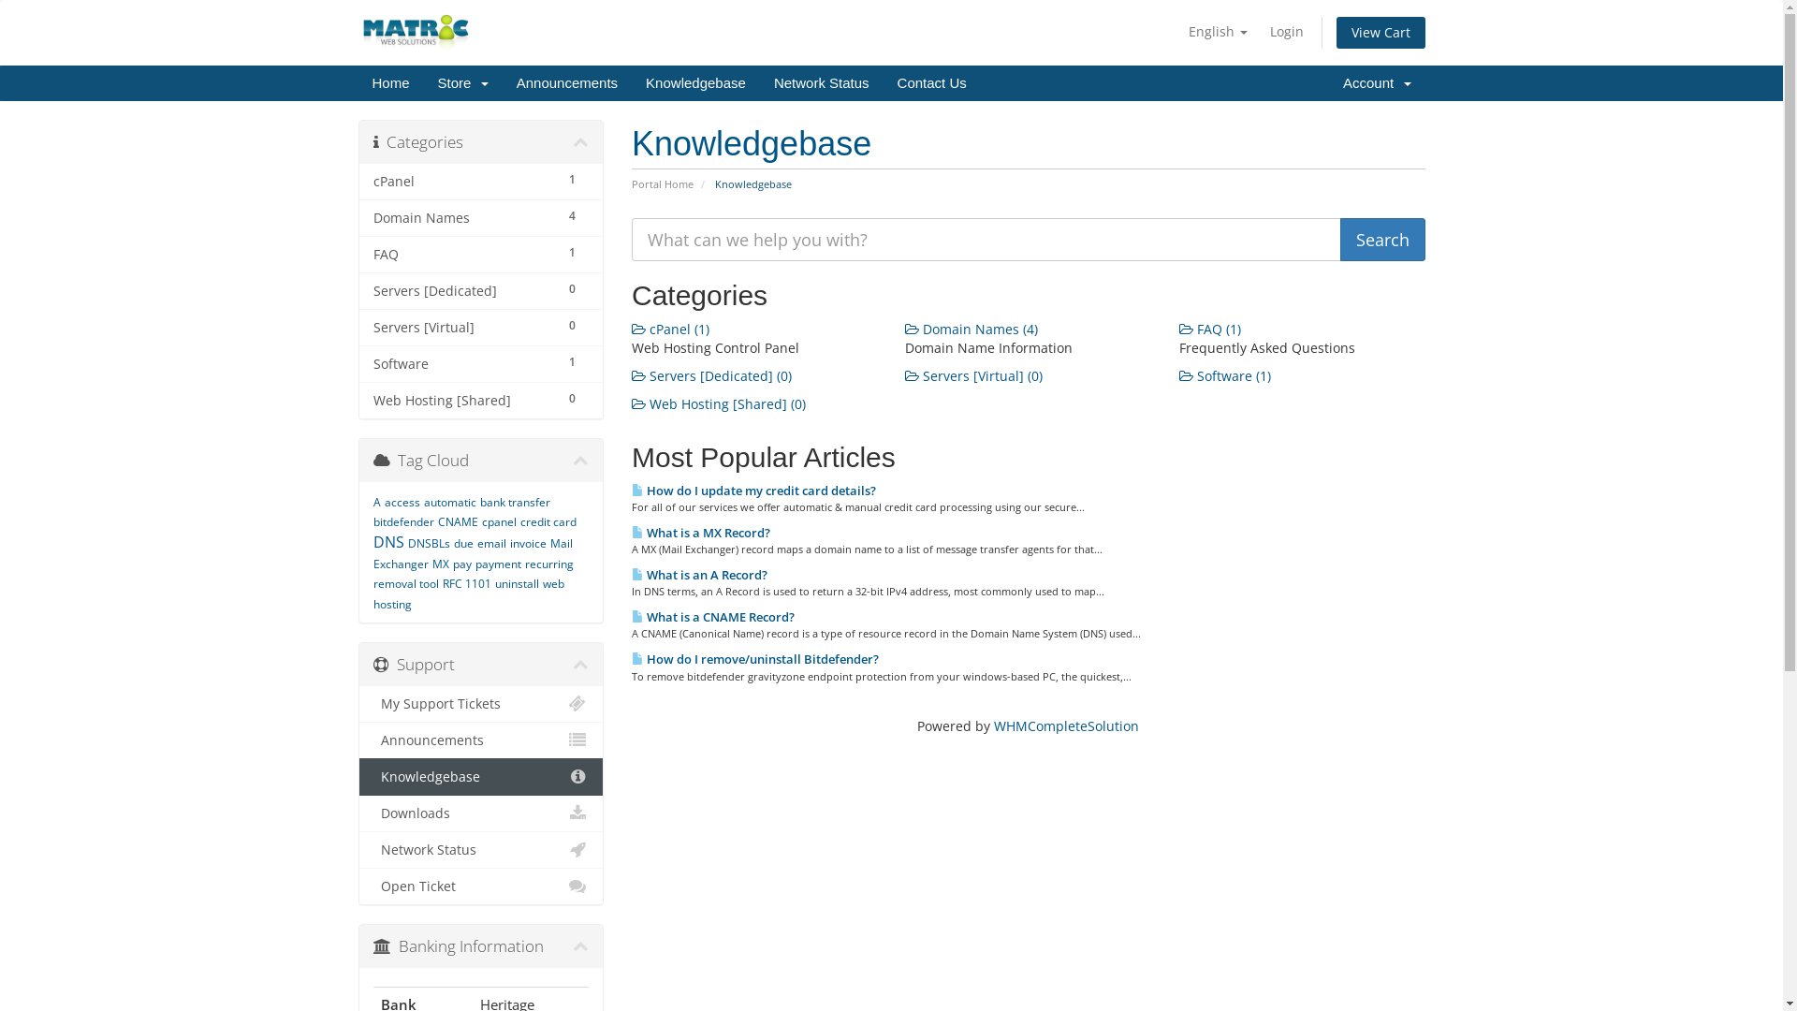 The width and height of the screenshot is (1797, 1011). Describe the element at coordinates (632, 533) in the screenshot. I see `' What is a MX Record?'` at that location.